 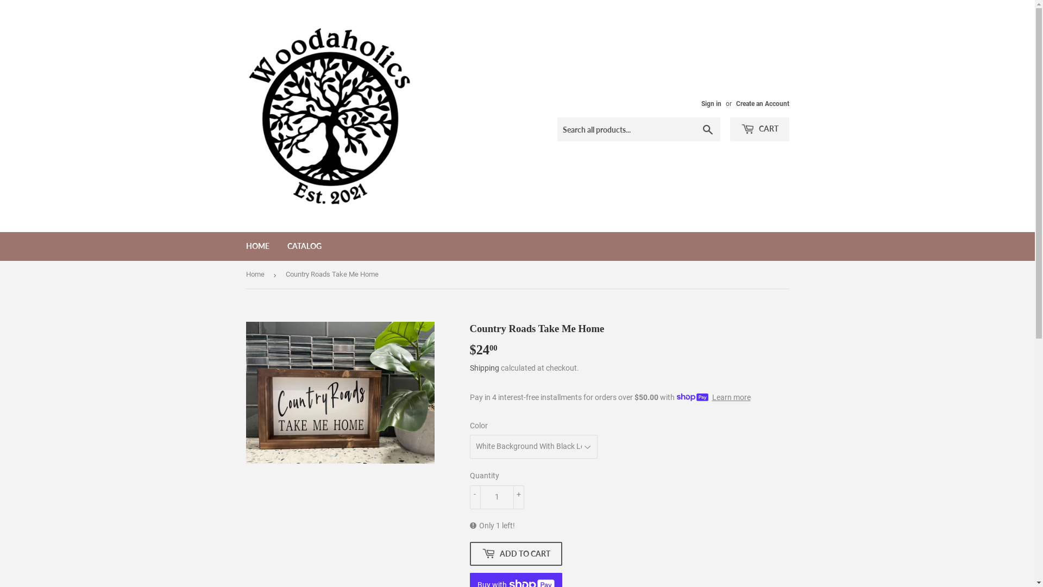 I want to click on 'ADD TO CART', so click(x=515, y=553).